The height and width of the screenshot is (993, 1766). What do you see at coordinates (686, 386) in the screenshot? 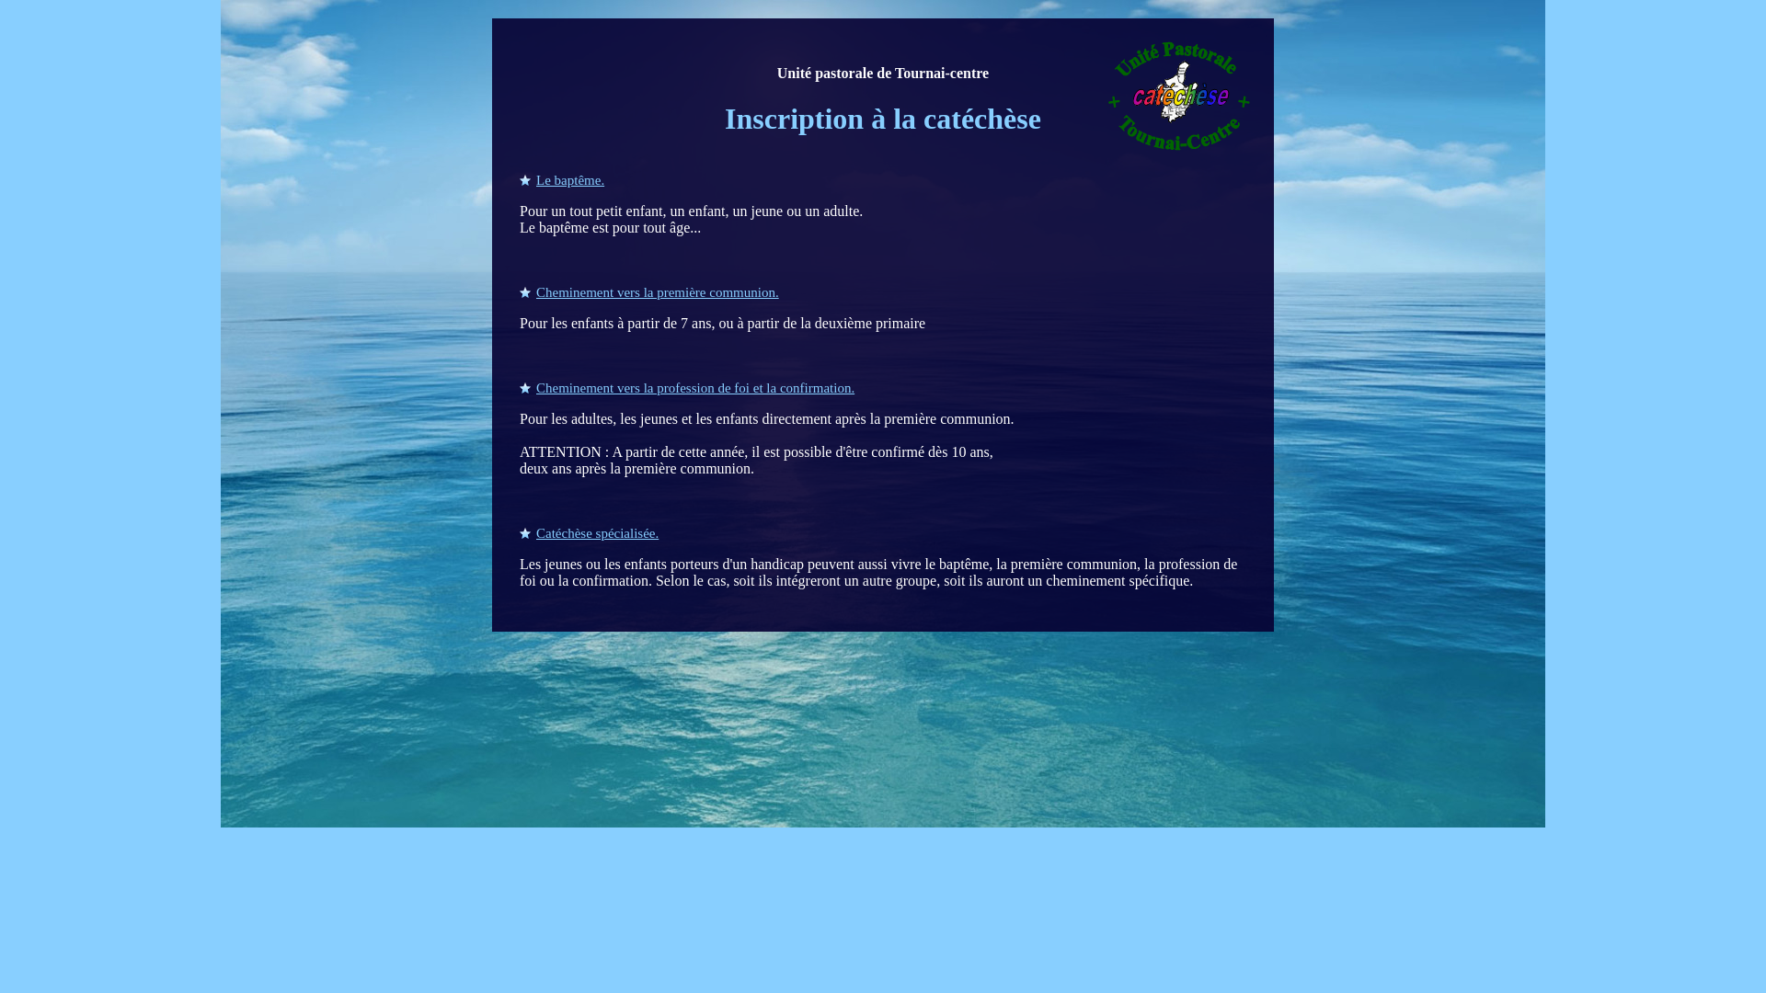
I see `'Cheminement vers la profession de foi et la confirmation.'` at bounding box center [686, 386].